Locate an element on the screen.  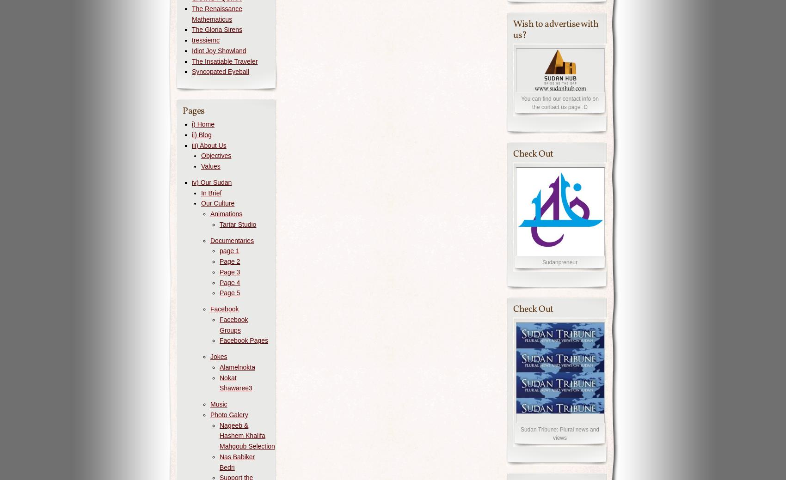
'iii) About Us' is located at coordinates (191, 145).